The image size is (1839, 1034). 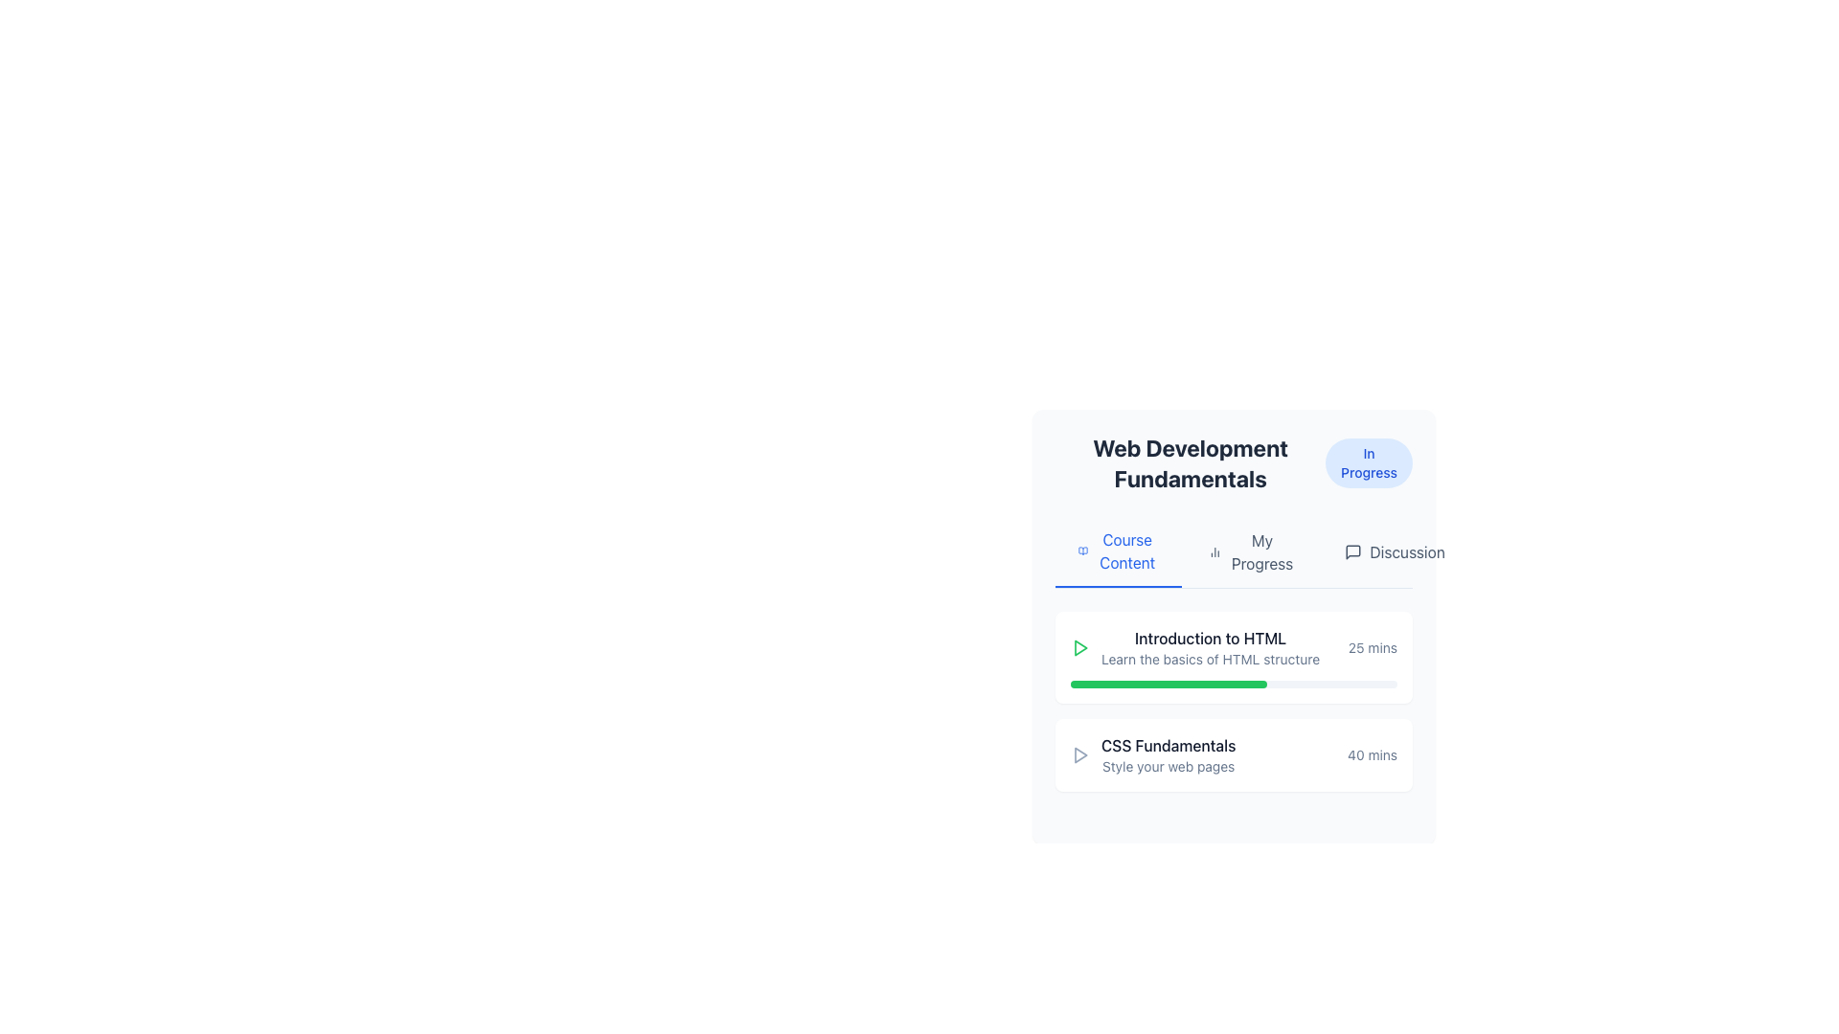 What do you see at coordinates (1080, 647) in the screenshot?
I see `the green triangular play icon` at bounding box center [1080, 647].